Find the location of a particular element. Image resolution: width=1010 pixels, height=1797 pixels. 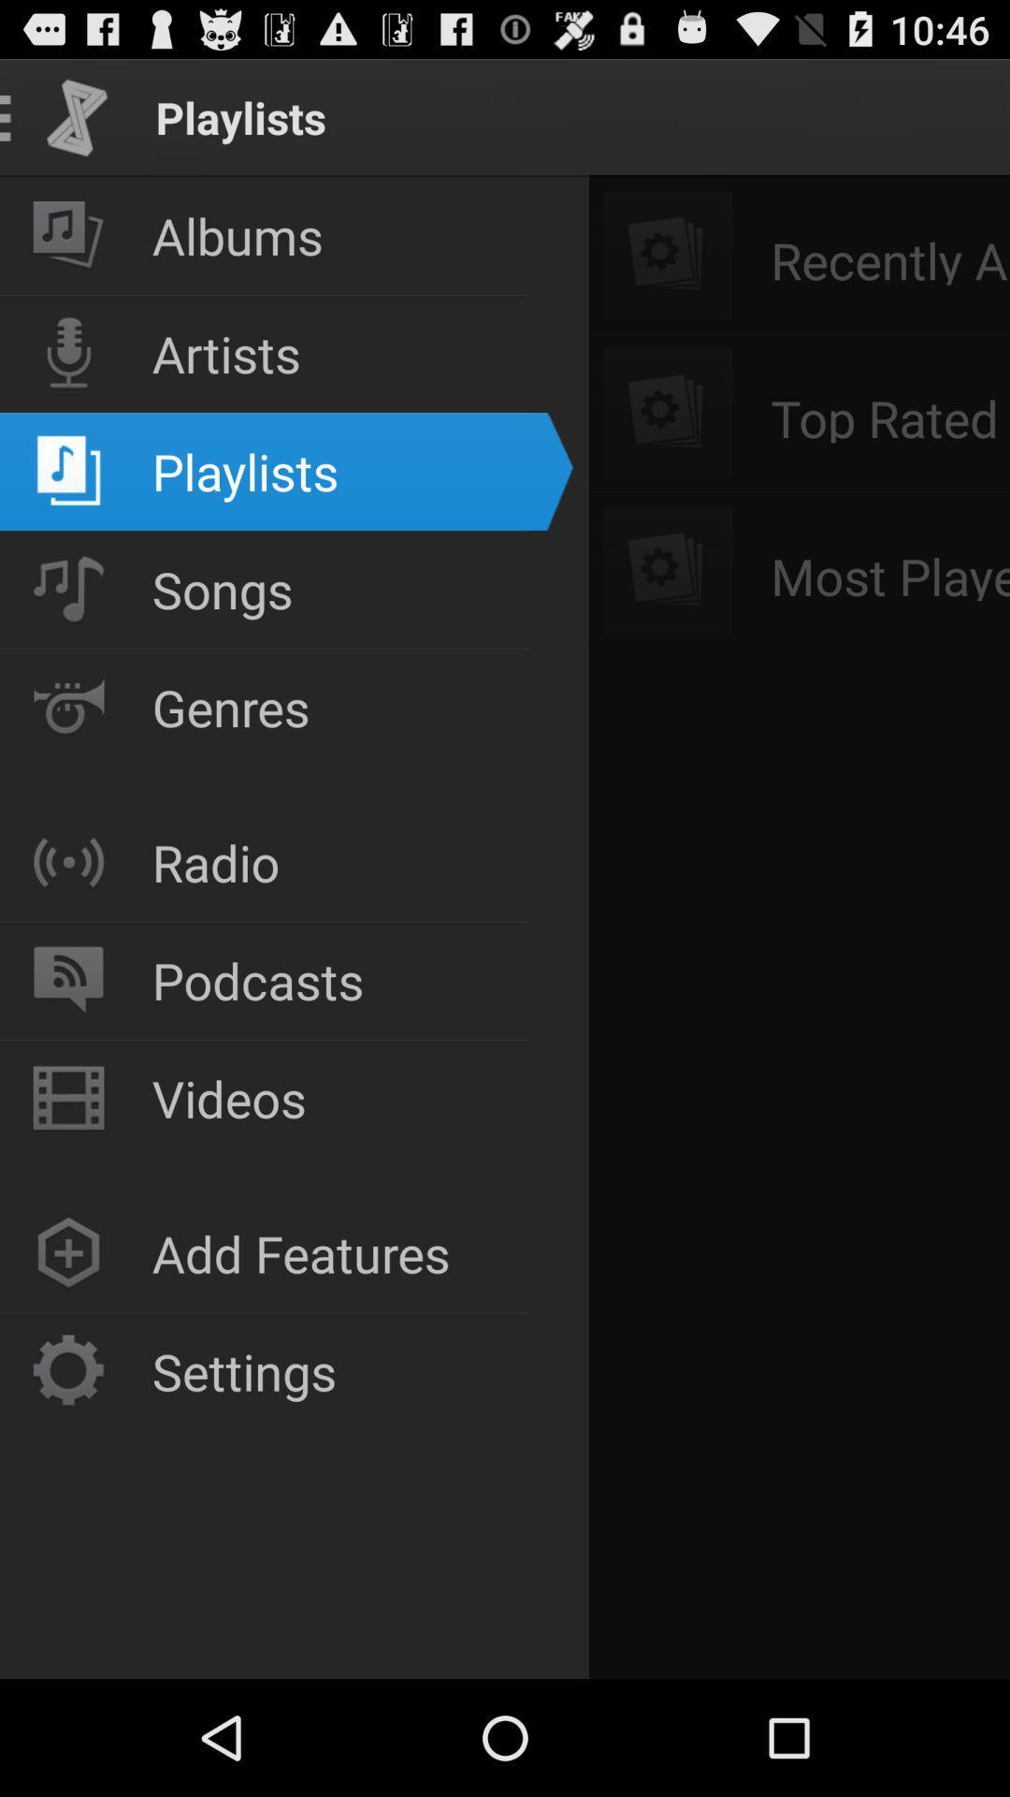

the  playlists button is located at coordinates (264, 922).